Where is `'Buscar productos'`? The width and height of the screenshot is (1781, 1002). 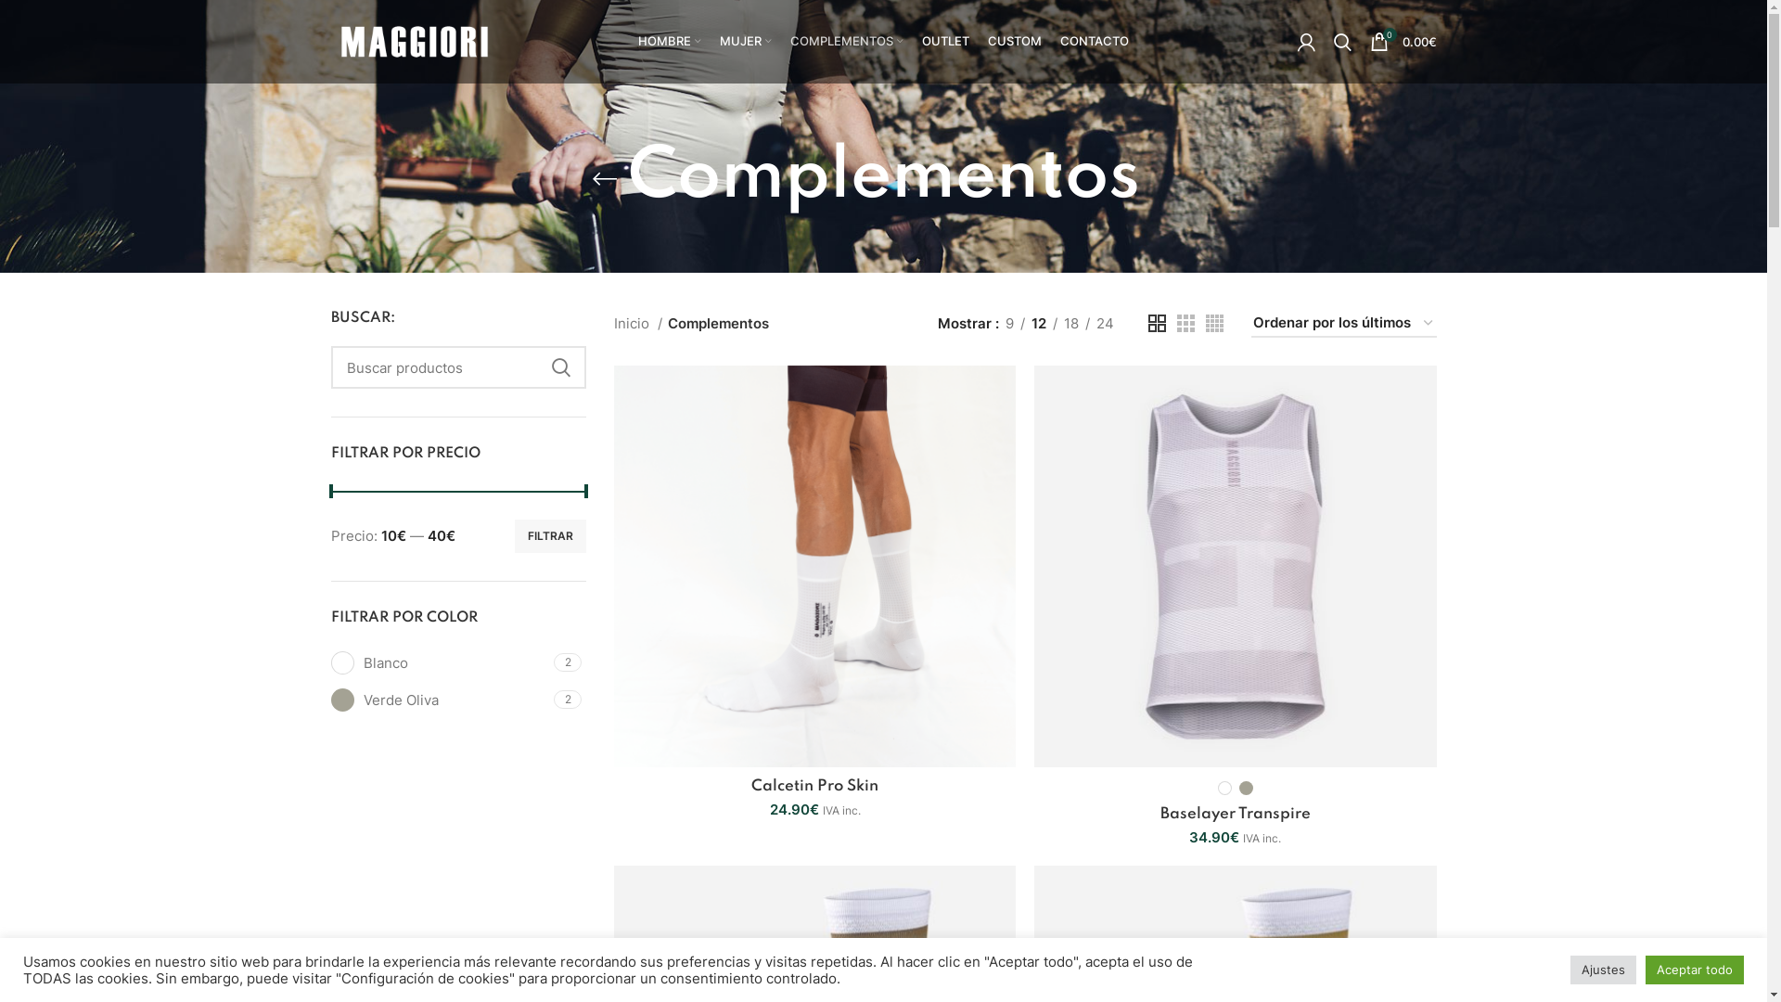 'Buscar productos' is located at coordinates (458, 367).